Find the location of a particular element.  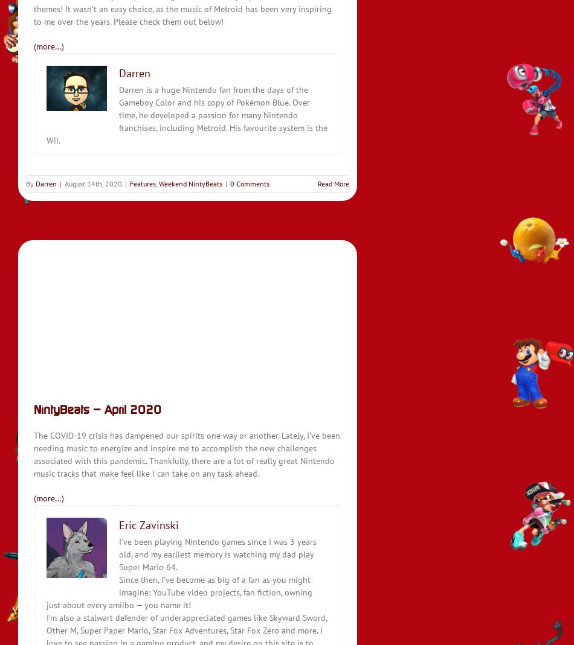

'0 Comments' is located at coordinates (249, 182).